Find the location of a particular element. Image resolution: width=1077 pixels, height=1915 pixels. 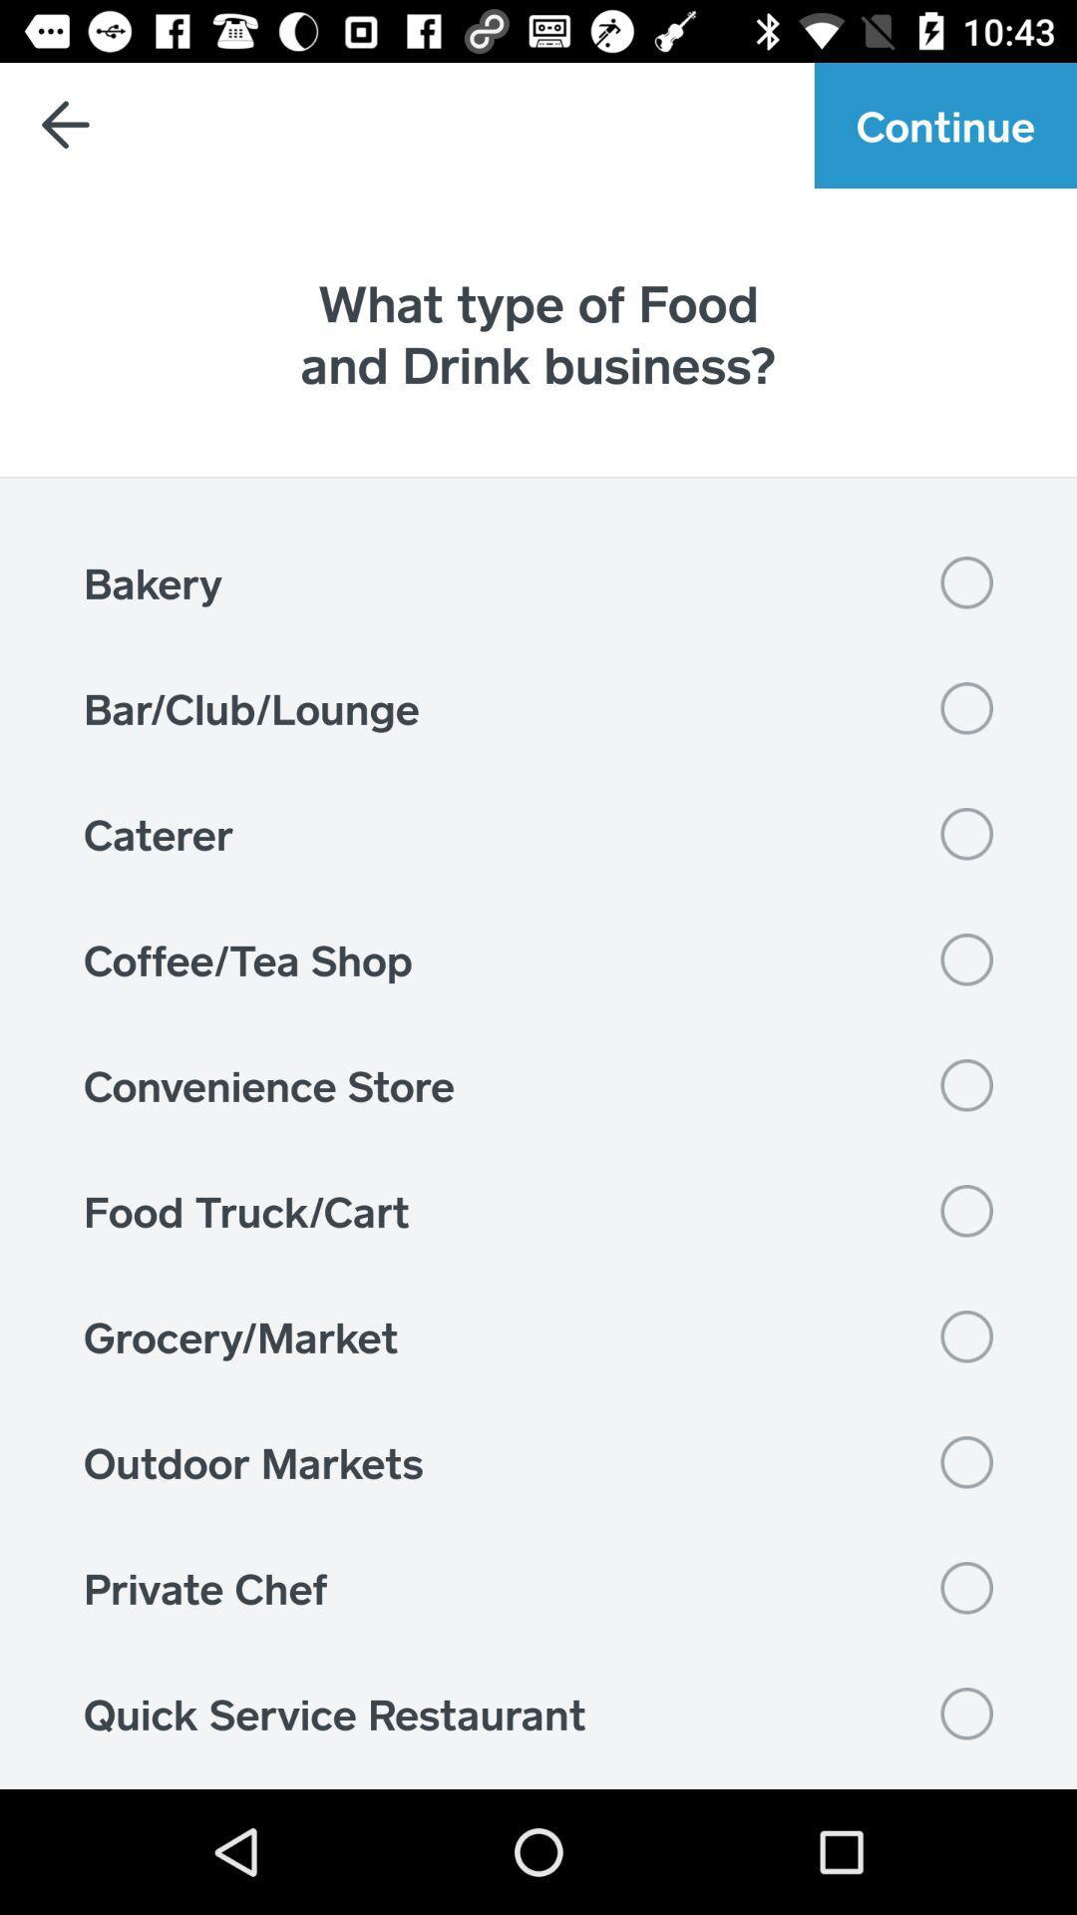

the item below the grocery/market icon is located at coordinates (538, 1462).